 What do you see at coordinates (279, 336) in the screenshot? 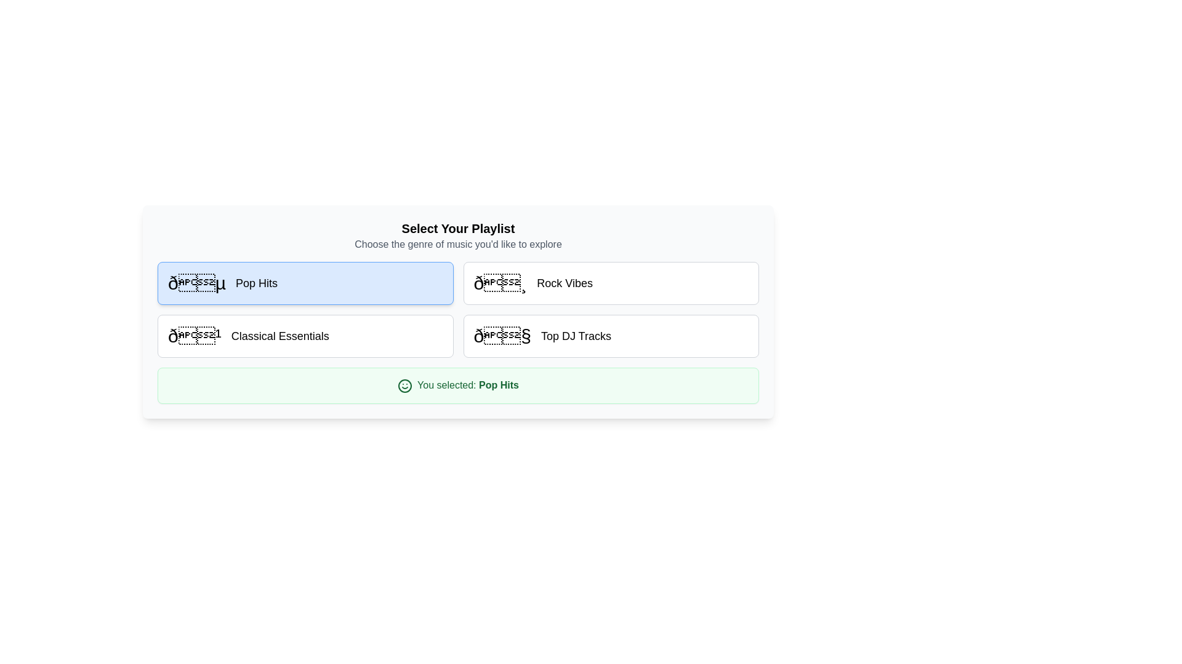
I see `text label for the 'Classical Essentials' playlist option located in the second row of the left column, which is inside a white box bordered by gray and next to a large musical note icon` at bounding box center [279, 336].